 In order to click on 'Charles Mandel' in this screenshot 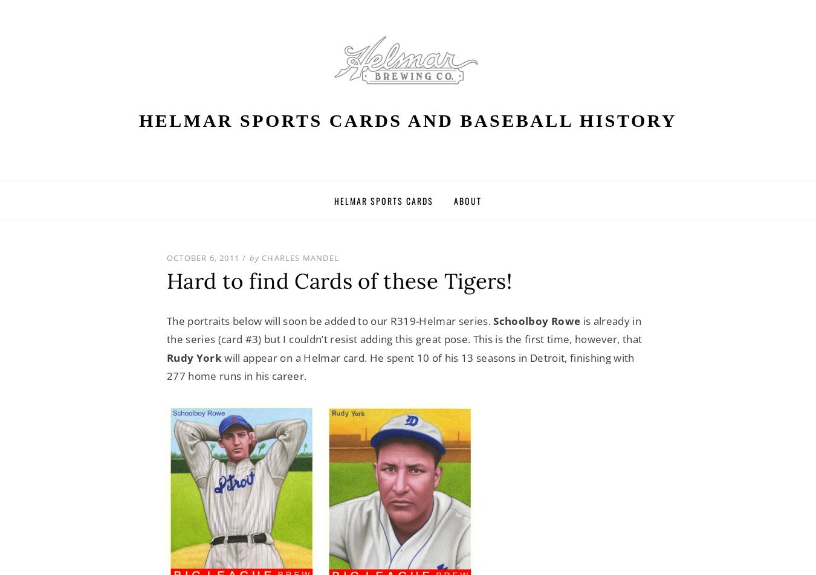, I will do `click(299, 257)`.